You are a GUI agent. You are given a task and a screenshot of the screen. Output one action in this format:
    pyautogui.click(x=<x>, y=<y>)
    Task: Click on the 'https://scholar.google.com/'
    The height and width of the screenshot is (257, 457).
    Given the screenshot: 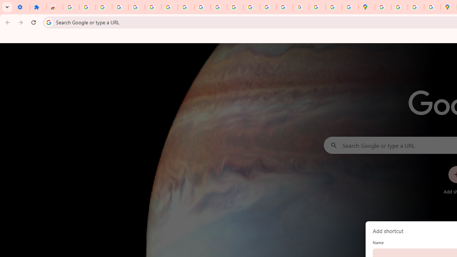 What is the action you would take?
    pyautogui.click(x=235, y=7)
    